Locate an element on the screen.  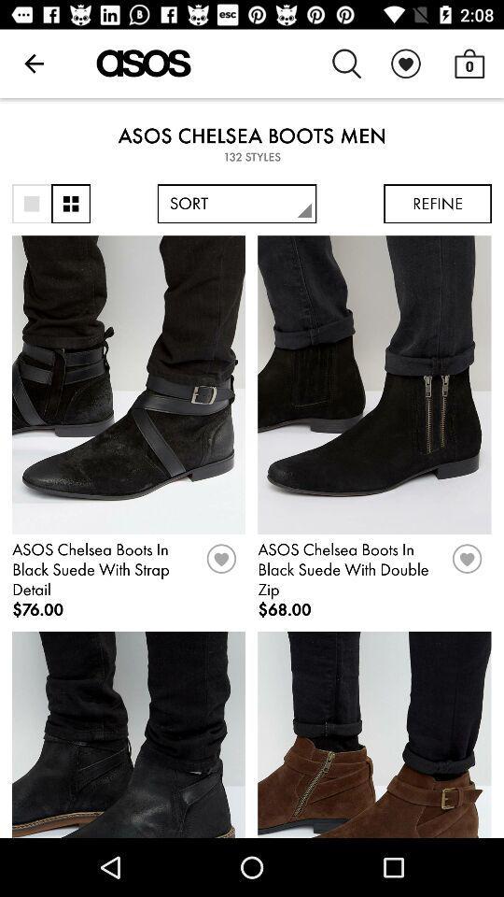
change view to multiple is located at coordinates (70, 204).